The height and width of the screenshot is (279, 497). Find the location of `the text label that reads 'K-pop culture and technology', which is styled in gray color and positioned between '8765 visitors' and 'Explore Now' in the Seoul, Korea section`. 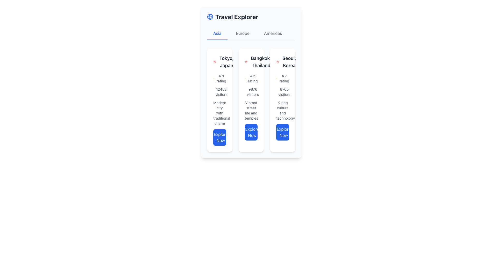

the text label that reads 'K-pop culture and technology', which is styled in gray color and positioned between '8765 visitors' and 'Explore Now' in the Seoul, Korea section is located at coordinates (282, 110).